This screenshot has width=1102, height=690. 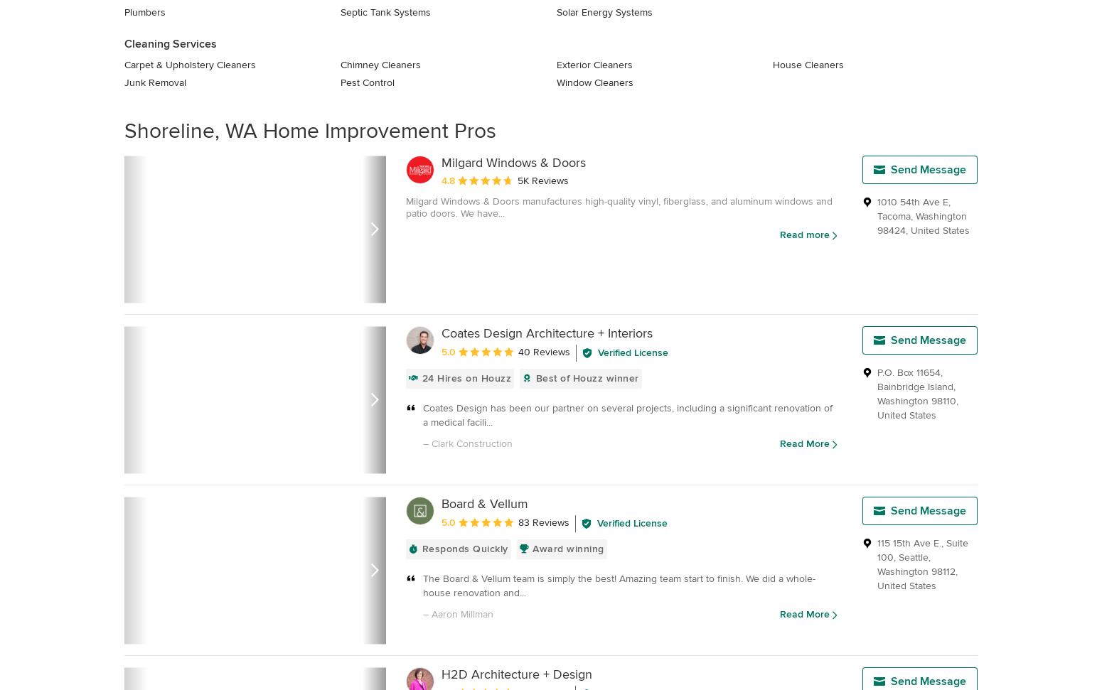 I want to click on 'Junk Removal', so click(x=154, y=82).